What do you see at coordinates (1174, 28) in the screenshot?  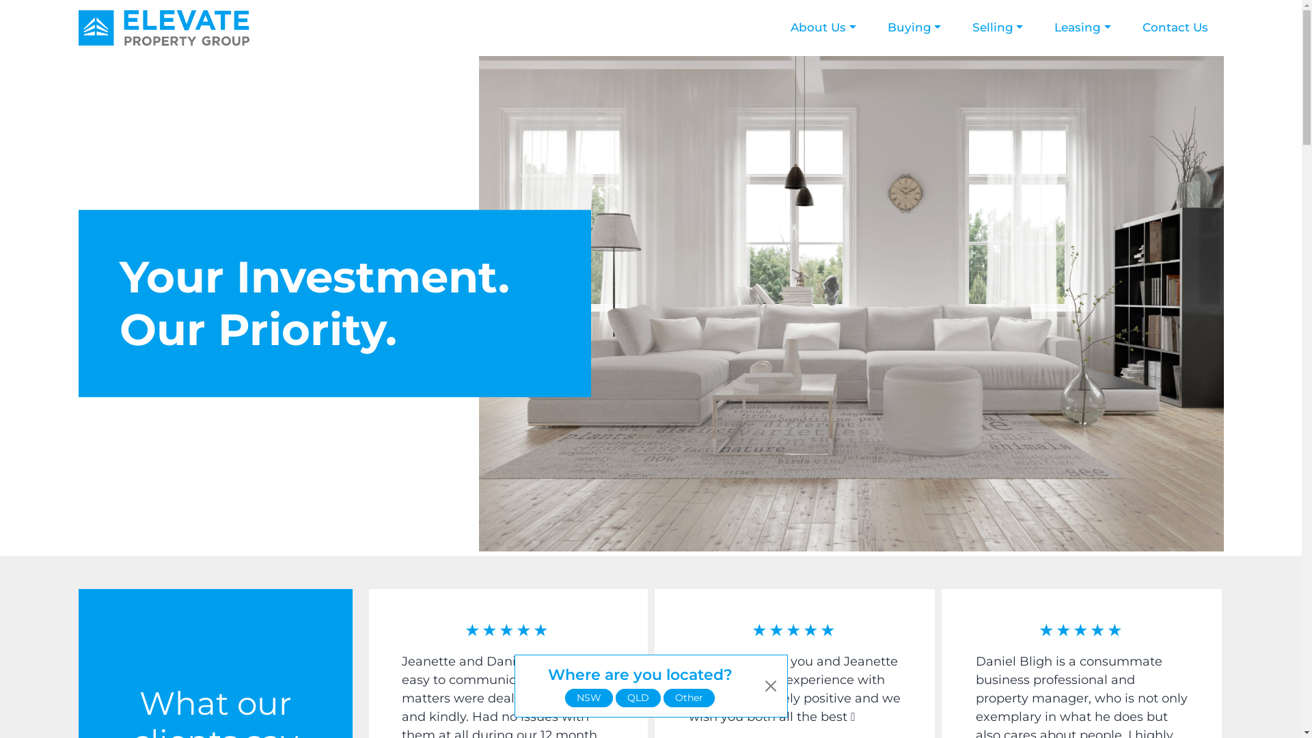 I see `'Contact Us'` at bounding box center [1174, 28].